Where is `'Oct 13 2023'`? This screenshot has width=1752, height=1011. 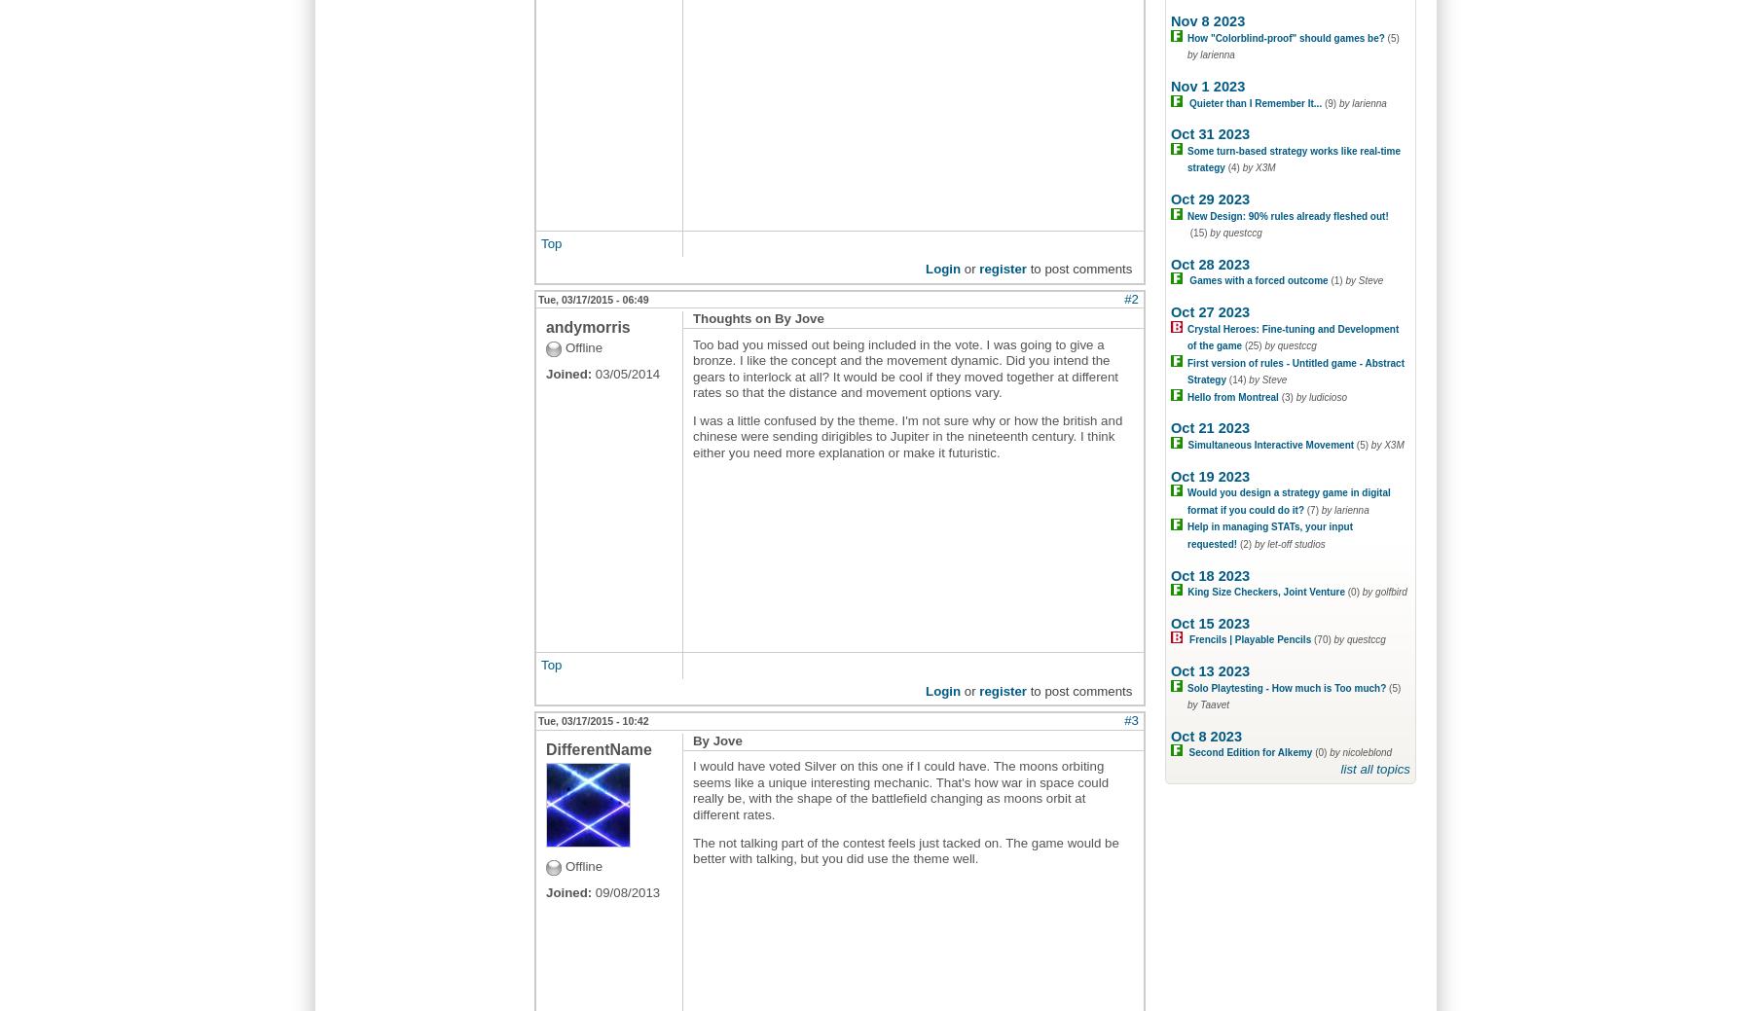
'Oct 13 2023' is located at coordinates (1210, 670).